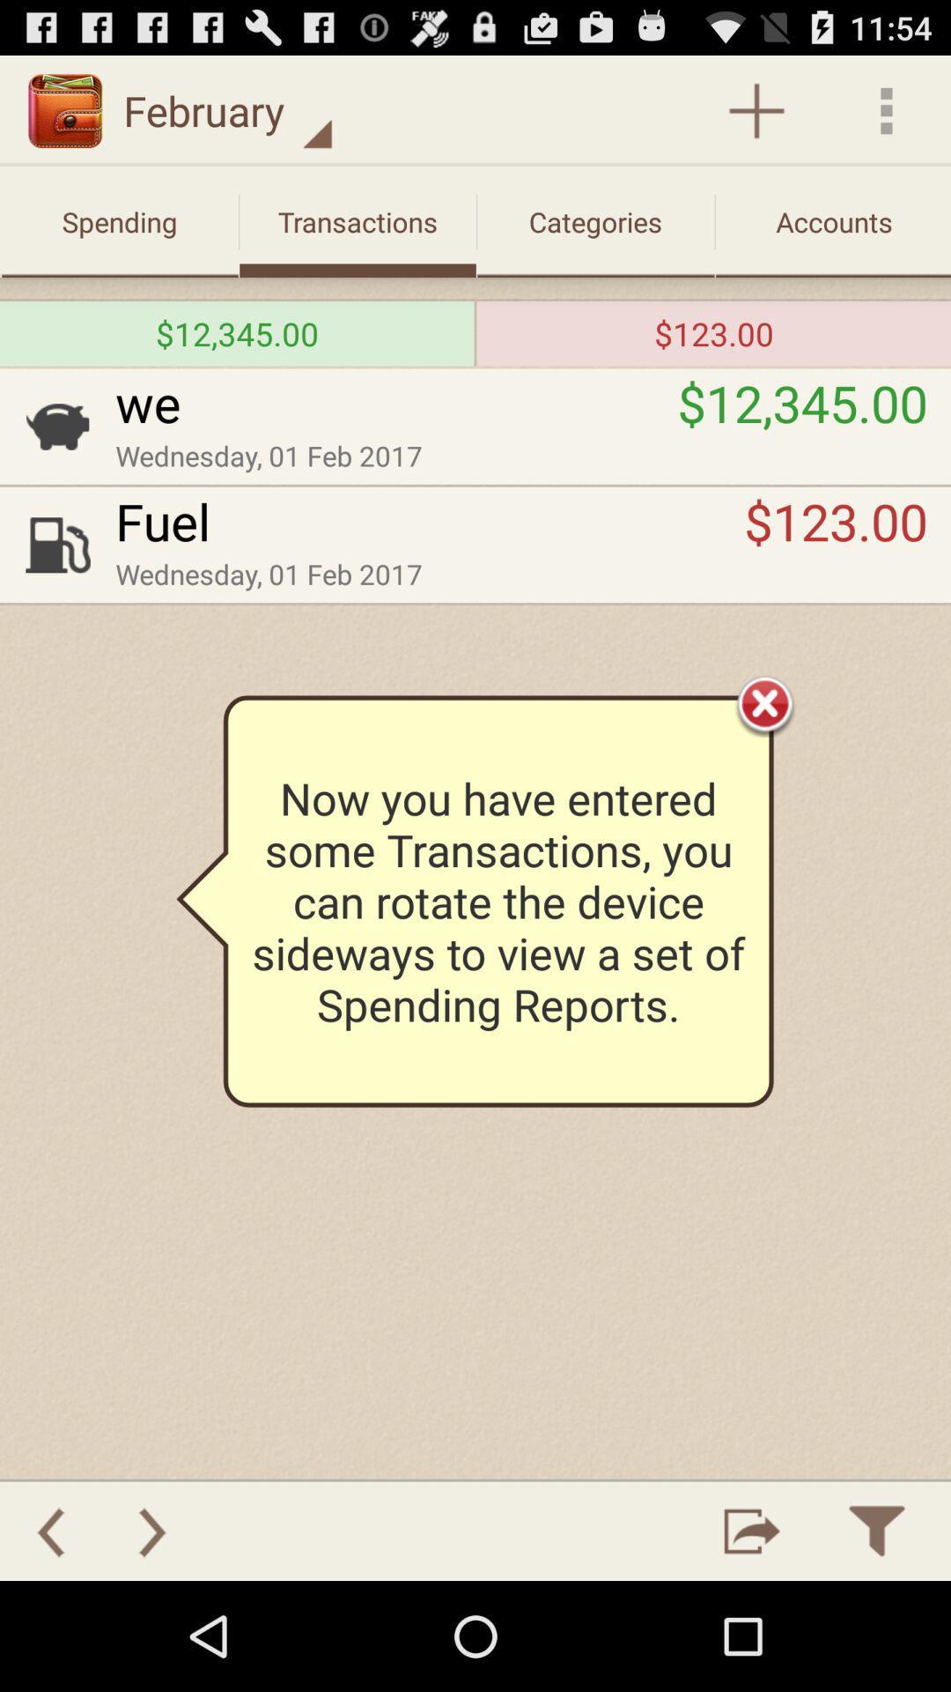 This screenshot has height=1692, width=951. I want to click on the icon above the spending, so click(227, 109).